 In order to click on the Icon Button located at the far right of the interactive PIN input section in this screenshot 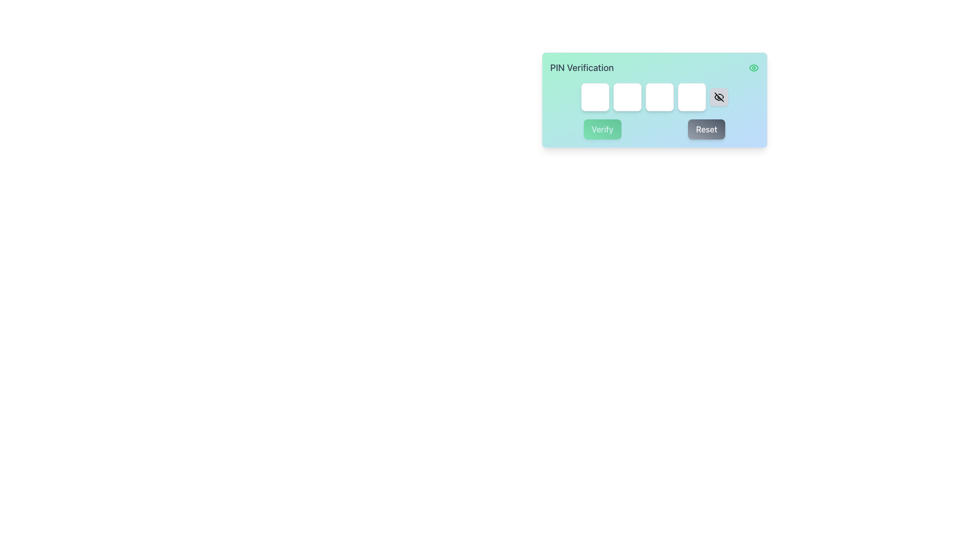, I will do `click(718, 97)`.